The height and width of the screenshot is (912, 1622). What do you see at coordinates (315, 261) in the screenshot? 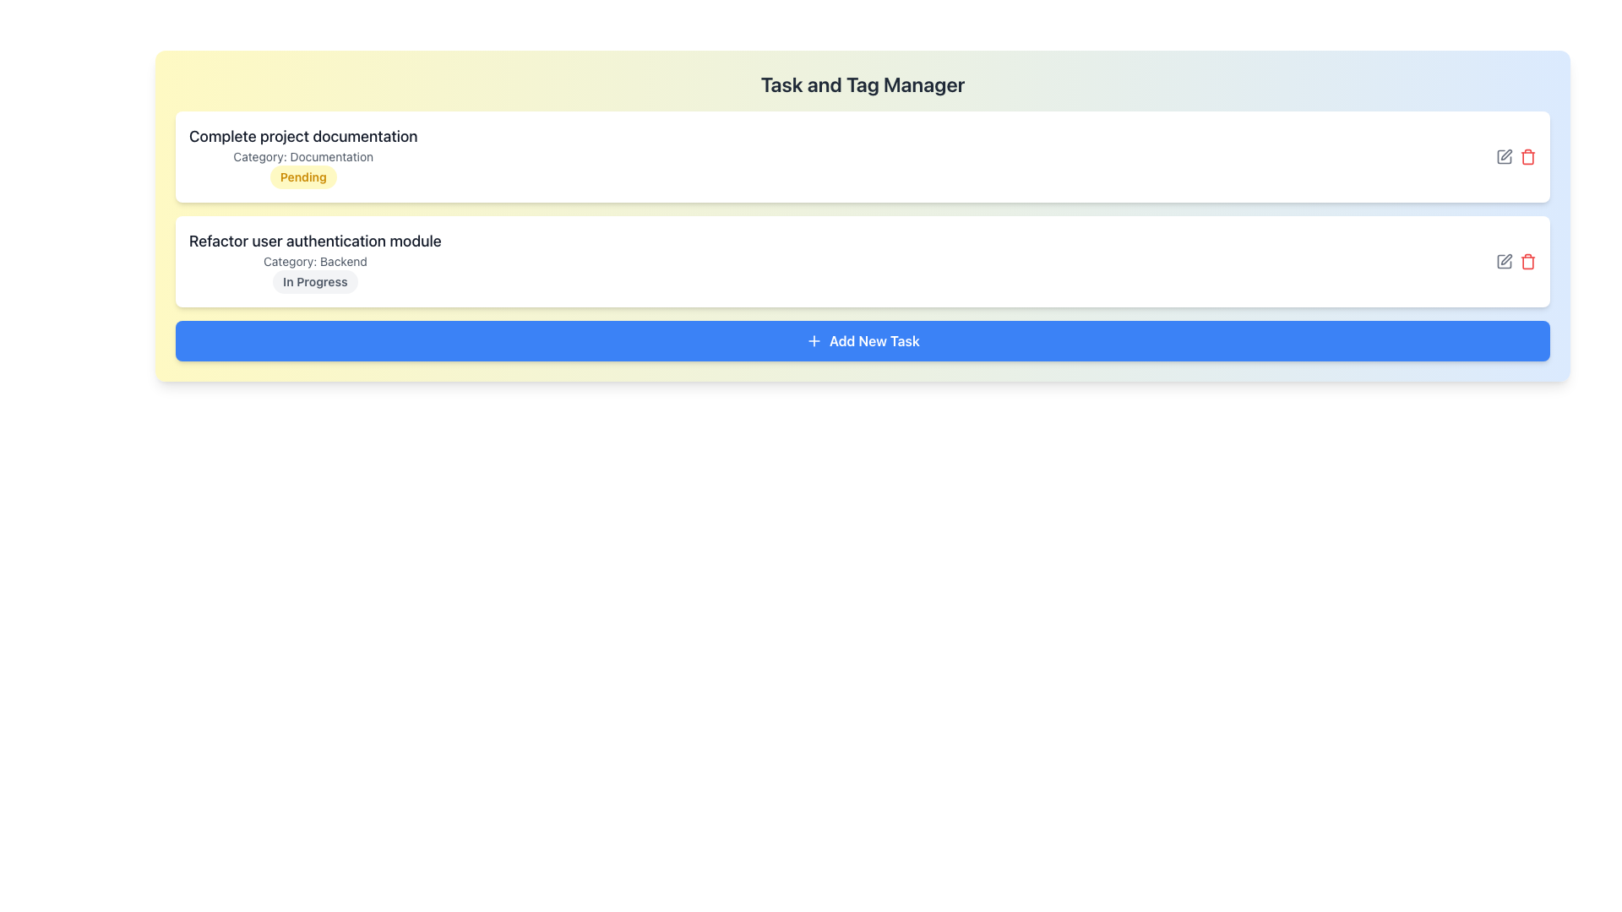
I see `the text label displaying 'Category: Backend', which is styled in a fine italic font and located below the title 'Refactor user authentication module'` at bounding box center [315, 261].